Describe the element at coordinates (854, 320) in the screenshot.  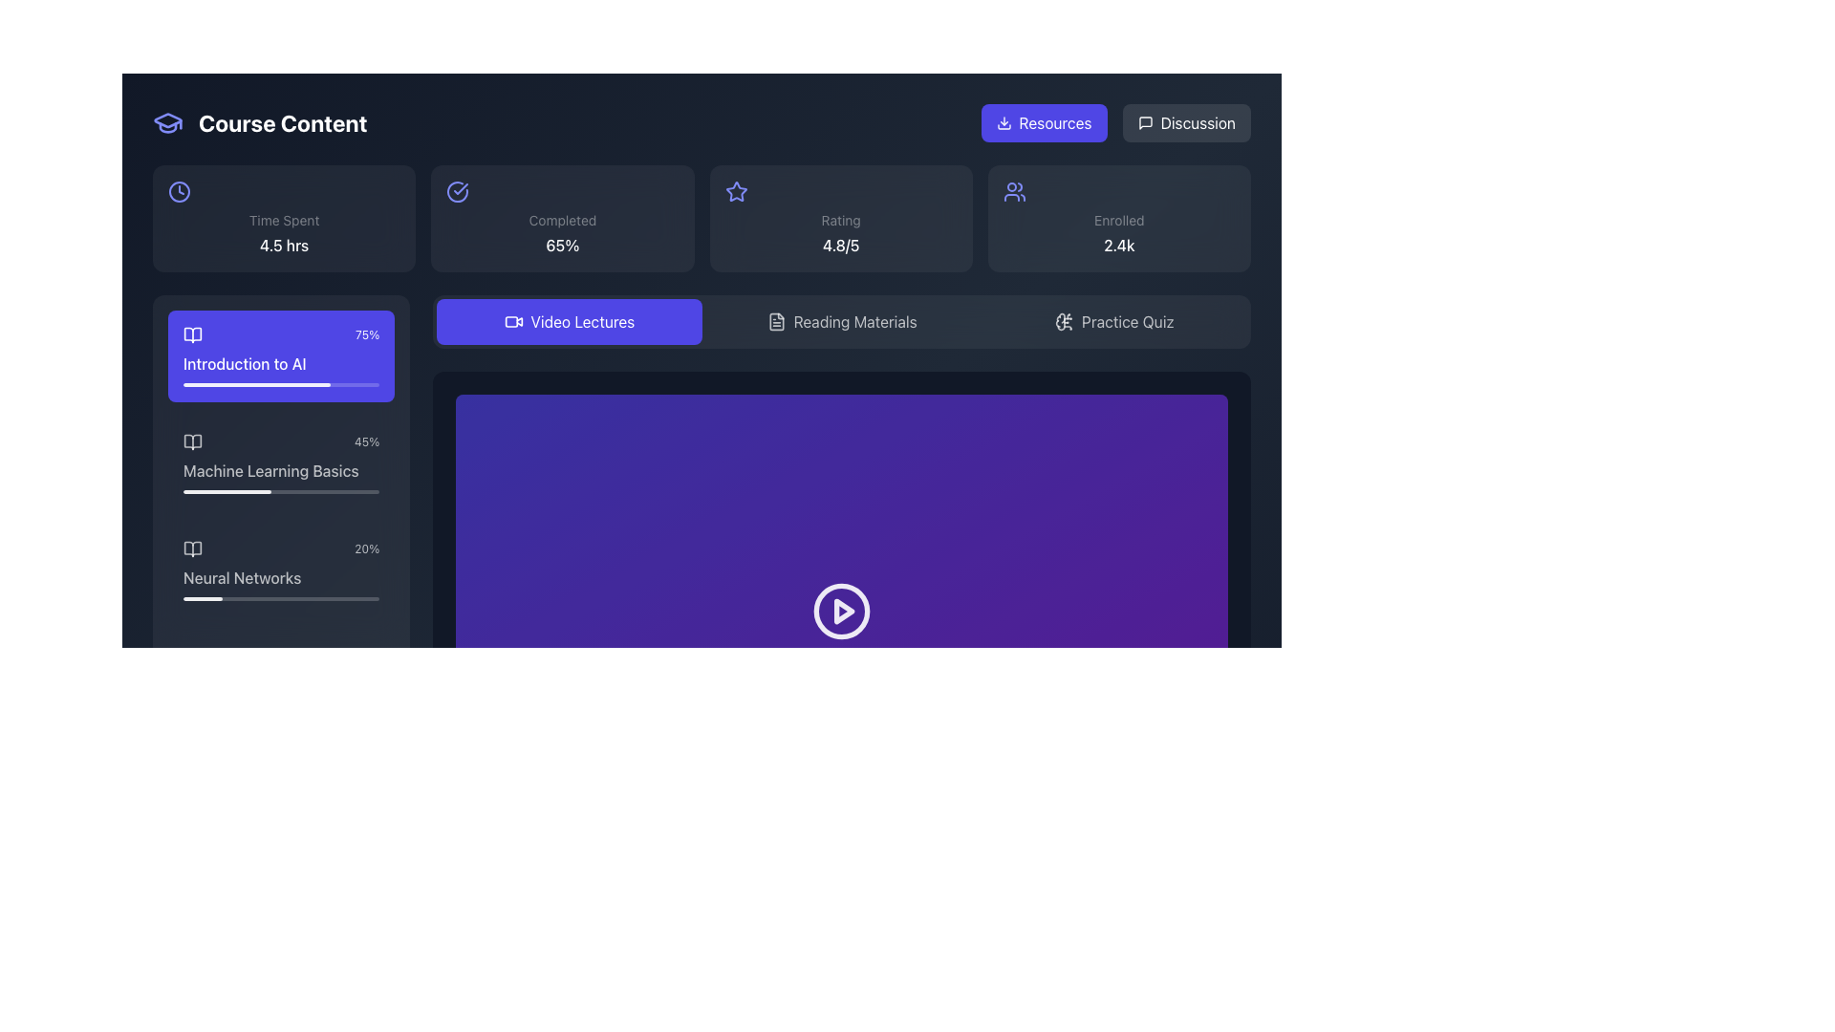
I see `the text label of the button located to the right of the 'Video Lectures' button and to the left of the 'Practice Quiz' icon` at that location.